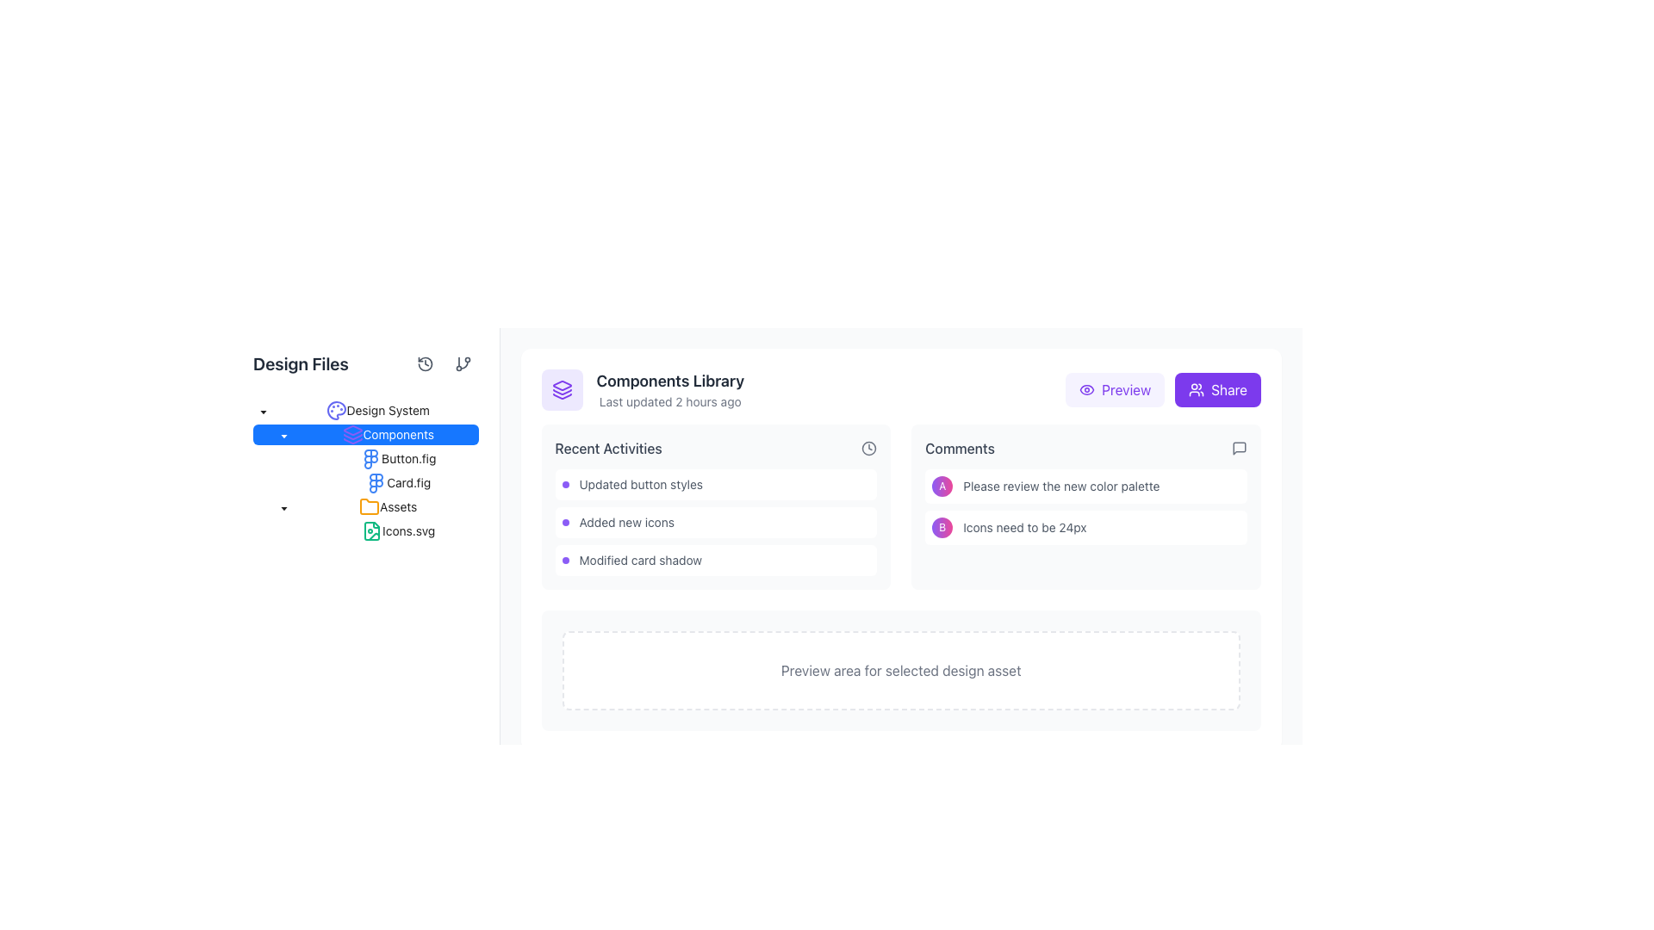  What do you see at coordinates (284, 434) in the screenshot?
I see `the downward caret icon next to the 'Components' label` at bounding box center [284, 434].